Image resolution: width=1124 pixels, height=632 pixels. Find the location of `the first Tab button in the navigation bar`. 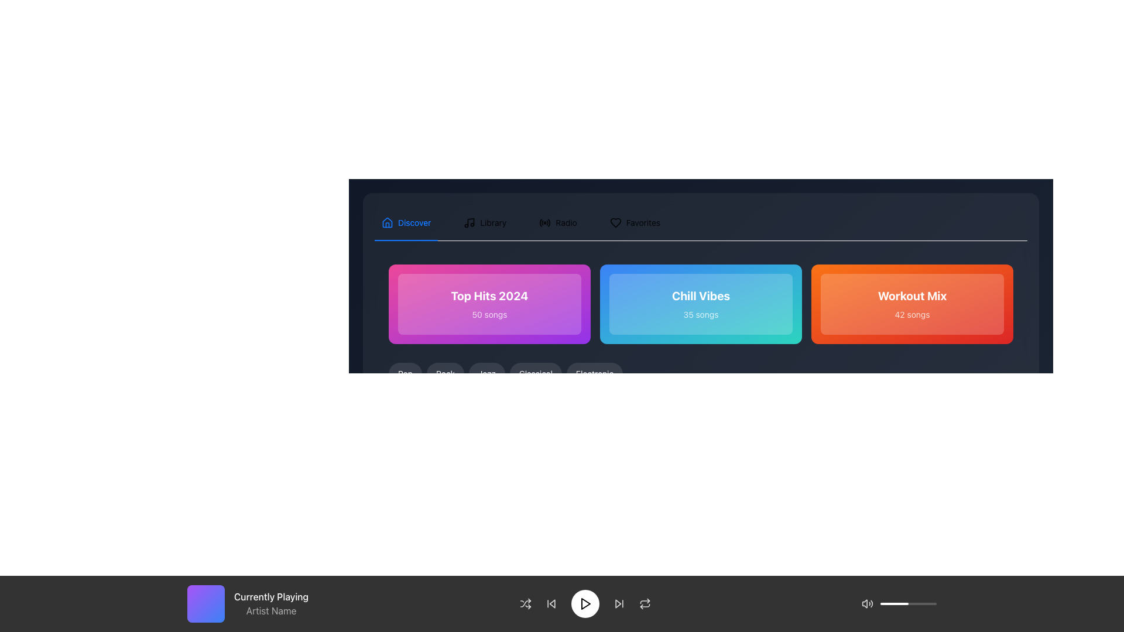

the first Tab button in the navigation bar is located at coordinates (406, 223).